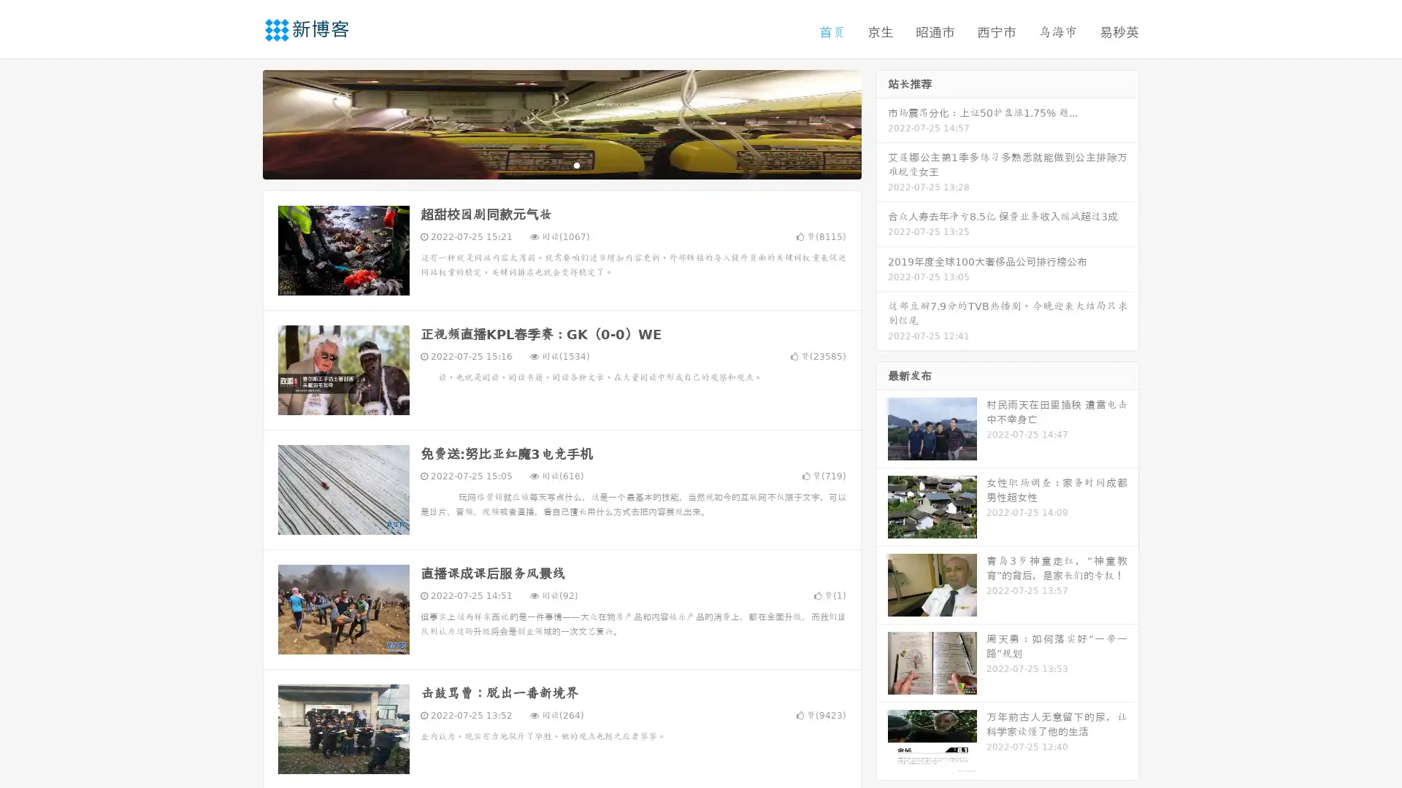 The height and width of the screenshot is (788, 1402). I want to click on Go to slide 2, so click(561, 164).